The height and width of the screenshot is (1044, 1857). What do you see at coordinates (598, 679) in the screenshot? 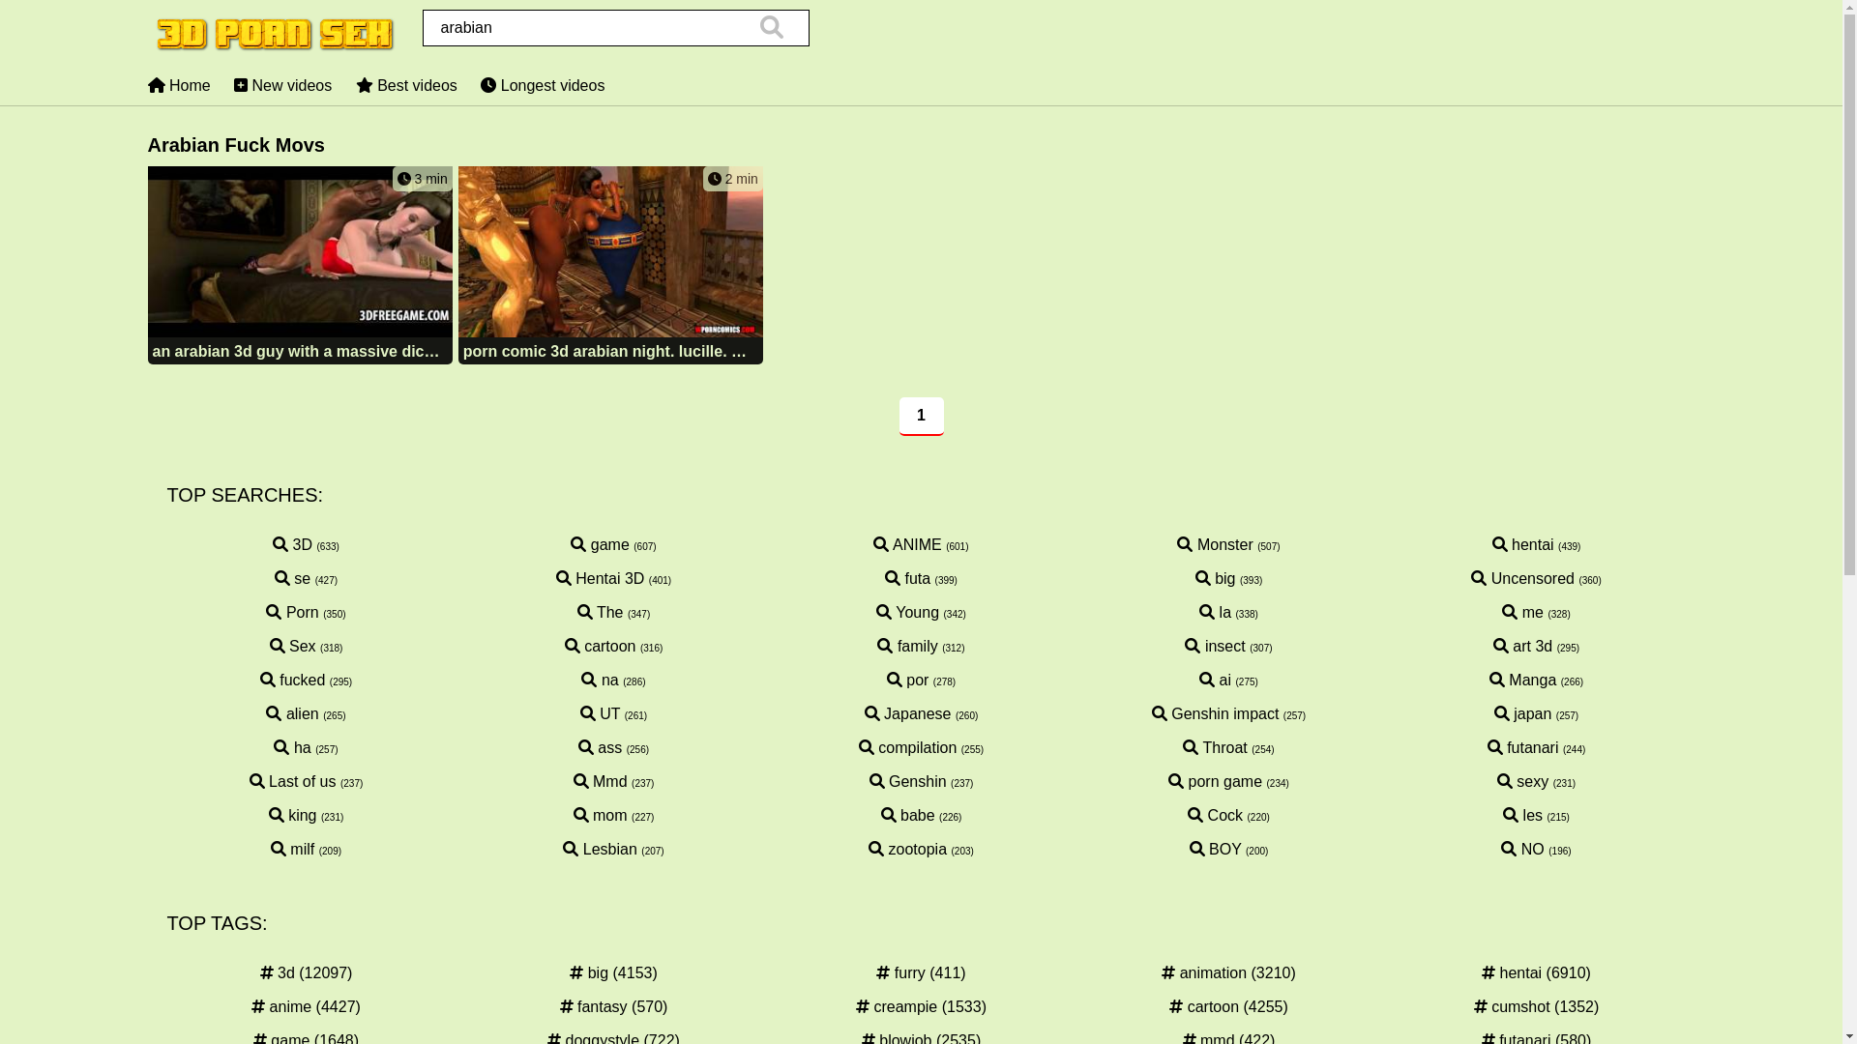
I see `'na'` at bounding box center [598, 679].